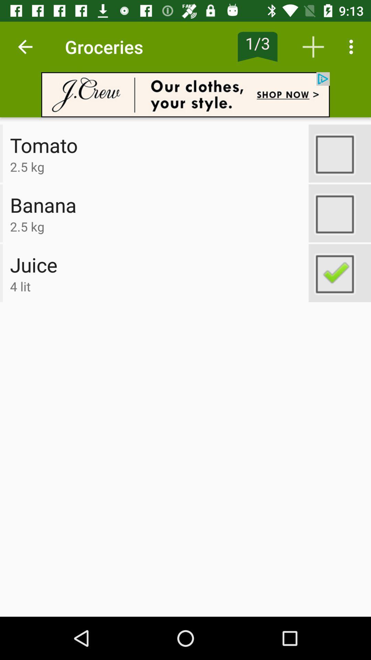 The height and width of the screenshot is (660, 371). I want to click on tick off item, so click(339, 213).